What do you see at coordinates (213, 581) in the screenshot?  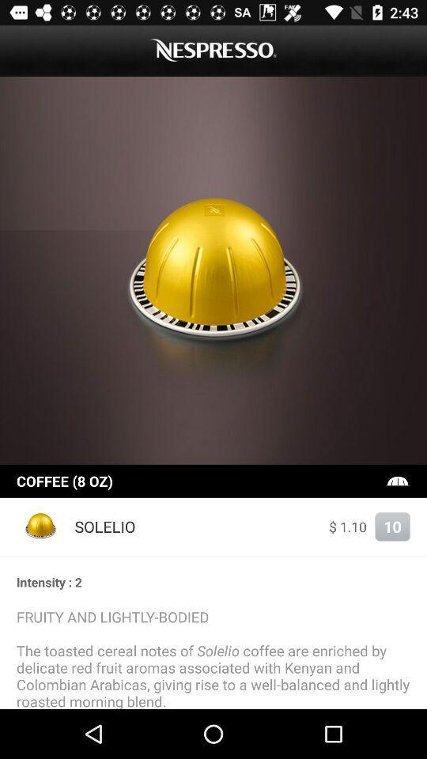 I see `the intensity : 2 icon` at bounding box center [213, 581].